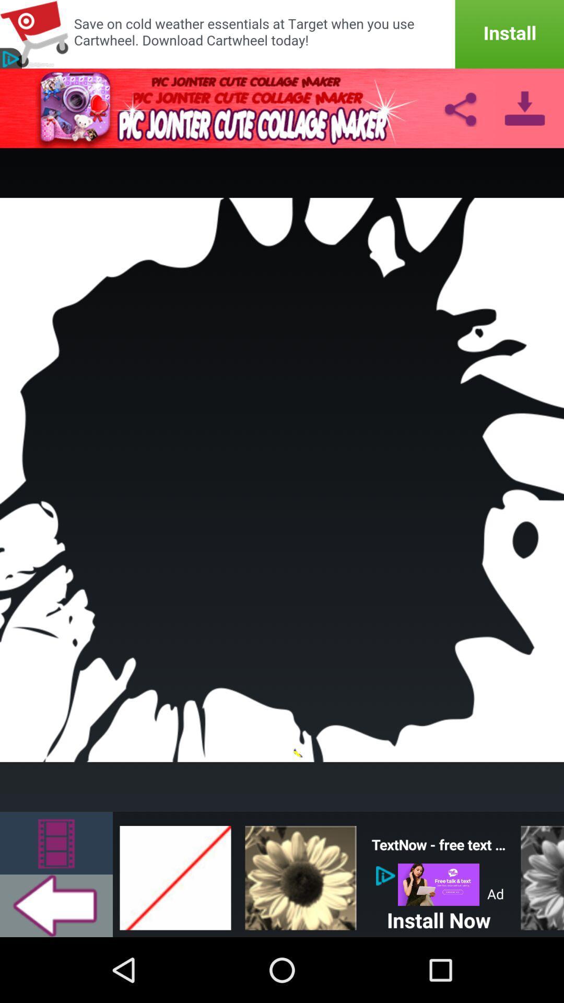 This screenshot has width=564, height=1003. Describe the element at coordinates (460, 108) in the screenshot. I see `share` at that location.